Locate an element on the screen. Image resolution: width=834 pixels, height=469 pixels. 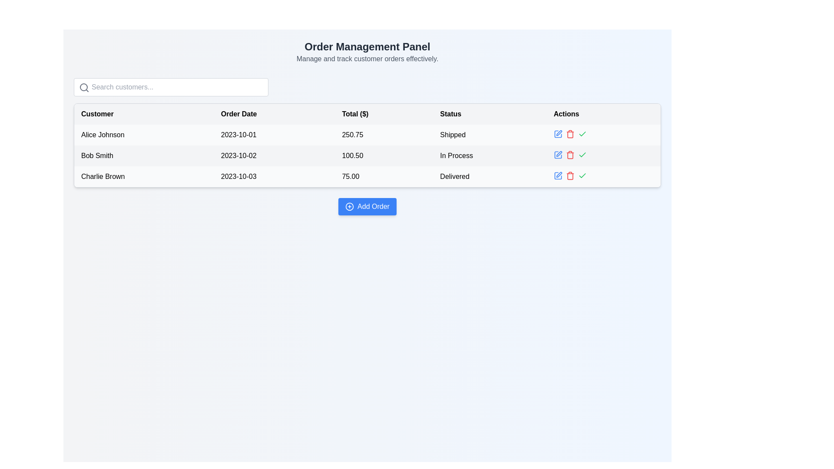
the SVG checkmark icon in the 'Actions' column for 'Bob Smith' is located at coordinates (582, 175).